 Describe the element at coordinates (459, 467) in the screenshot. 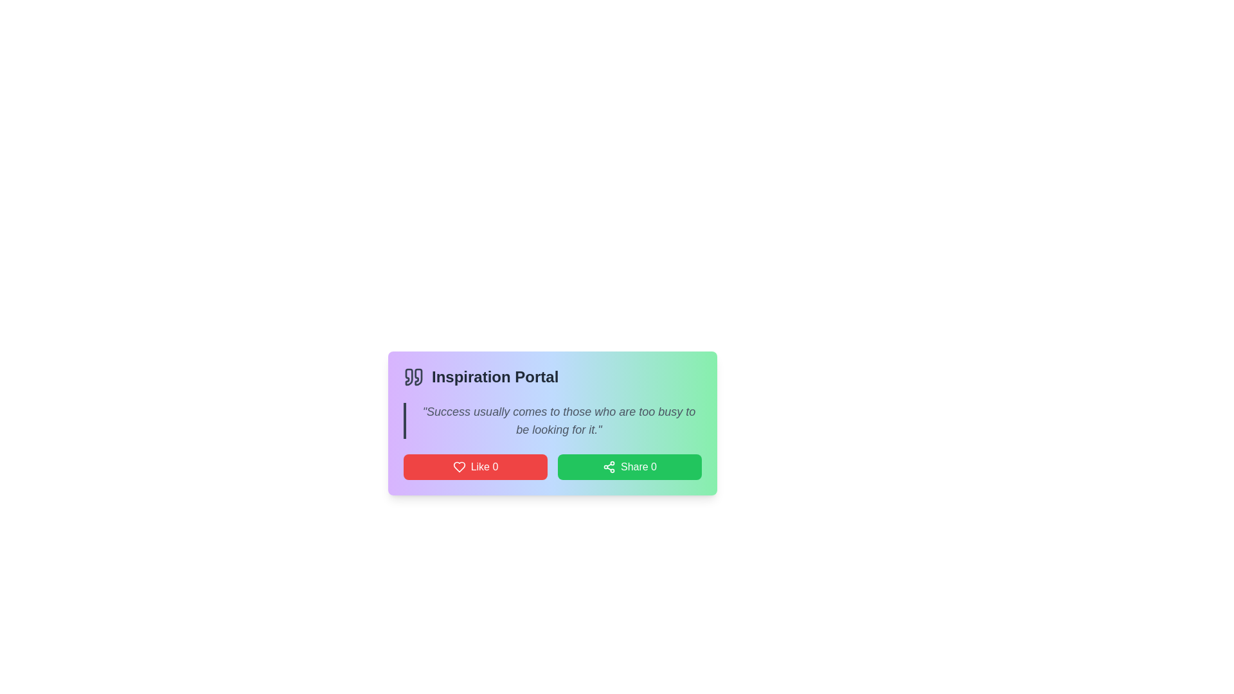

I see `the heart icon within the red 'Like 0' button located at the bottom-left corner of the card to express appreciation` at that location.